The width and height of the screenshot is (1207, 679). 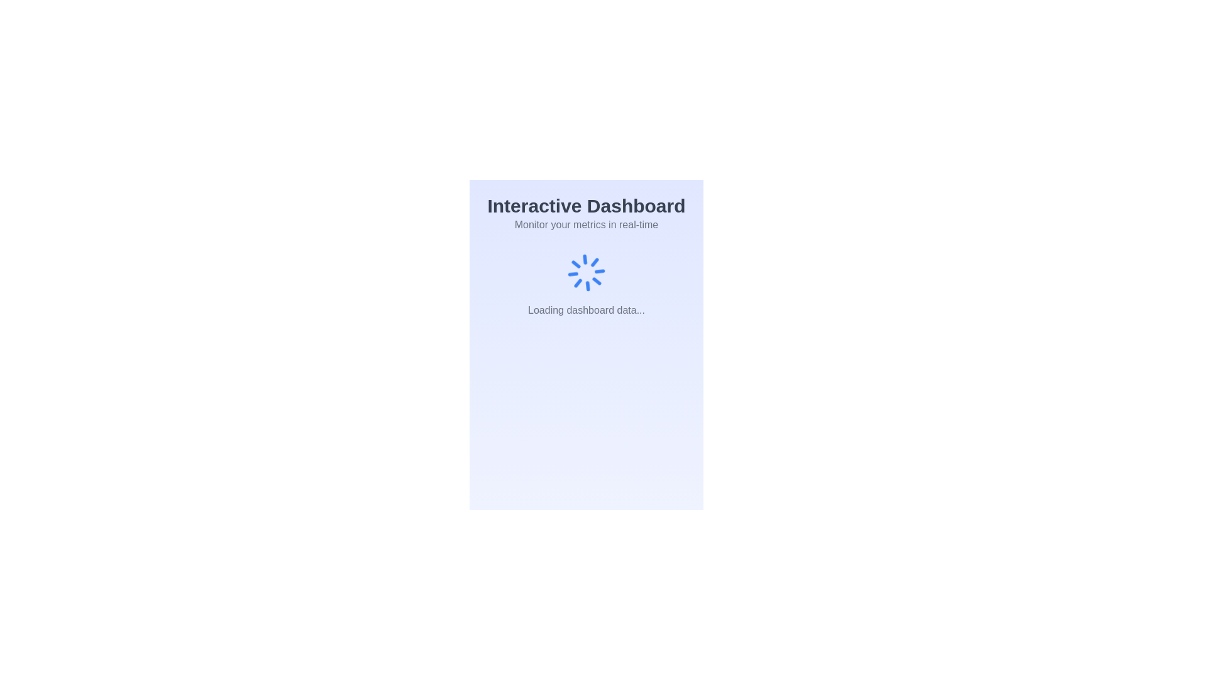 What do you see at coordinates (591, 285) in the screenshot?
I see `the top segment of the spinning loader, which visually indicates a loading state` at bounding box center [591, 285].